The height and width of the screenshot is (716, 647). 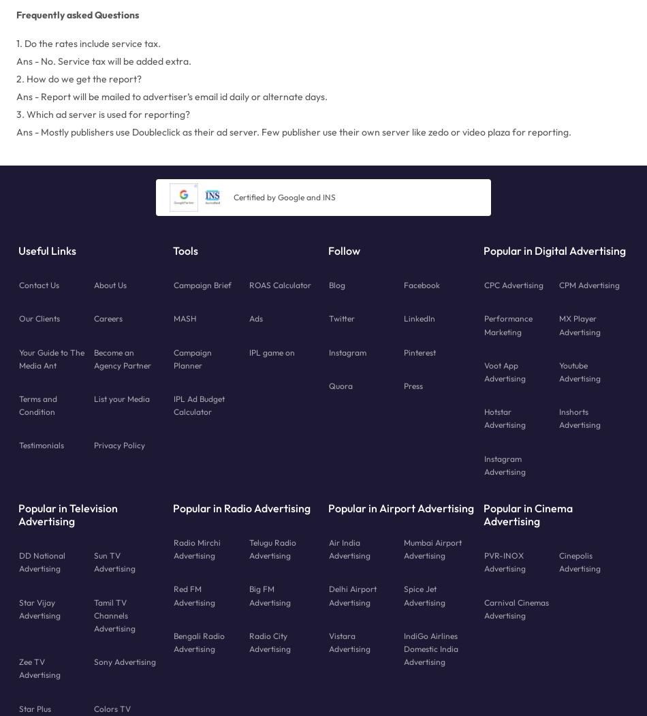 I want to click on 'About Us', so click(x=94, y=284).